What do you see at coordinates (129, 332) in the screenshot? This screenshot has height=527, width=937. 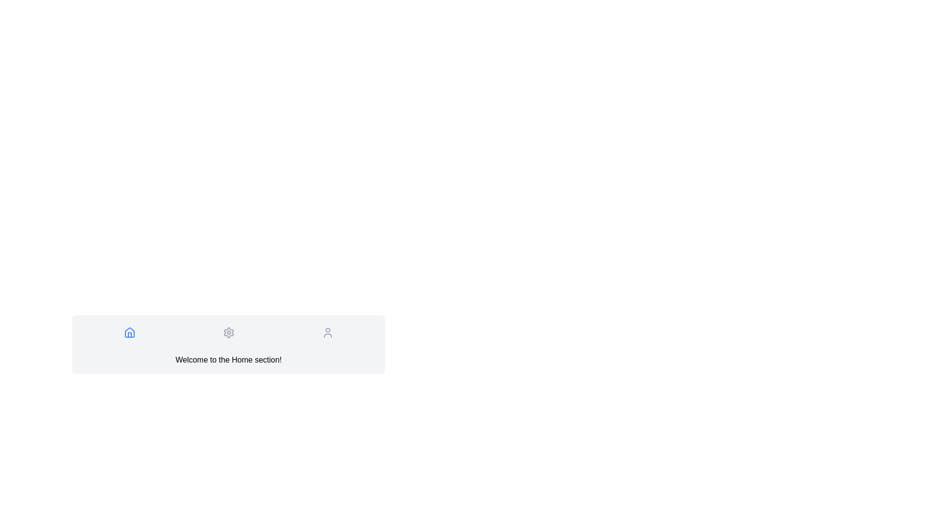 I see `the house-shaped icon with a thin blue outline located in the bottom navigation bar` at bounding box center [129, 332].